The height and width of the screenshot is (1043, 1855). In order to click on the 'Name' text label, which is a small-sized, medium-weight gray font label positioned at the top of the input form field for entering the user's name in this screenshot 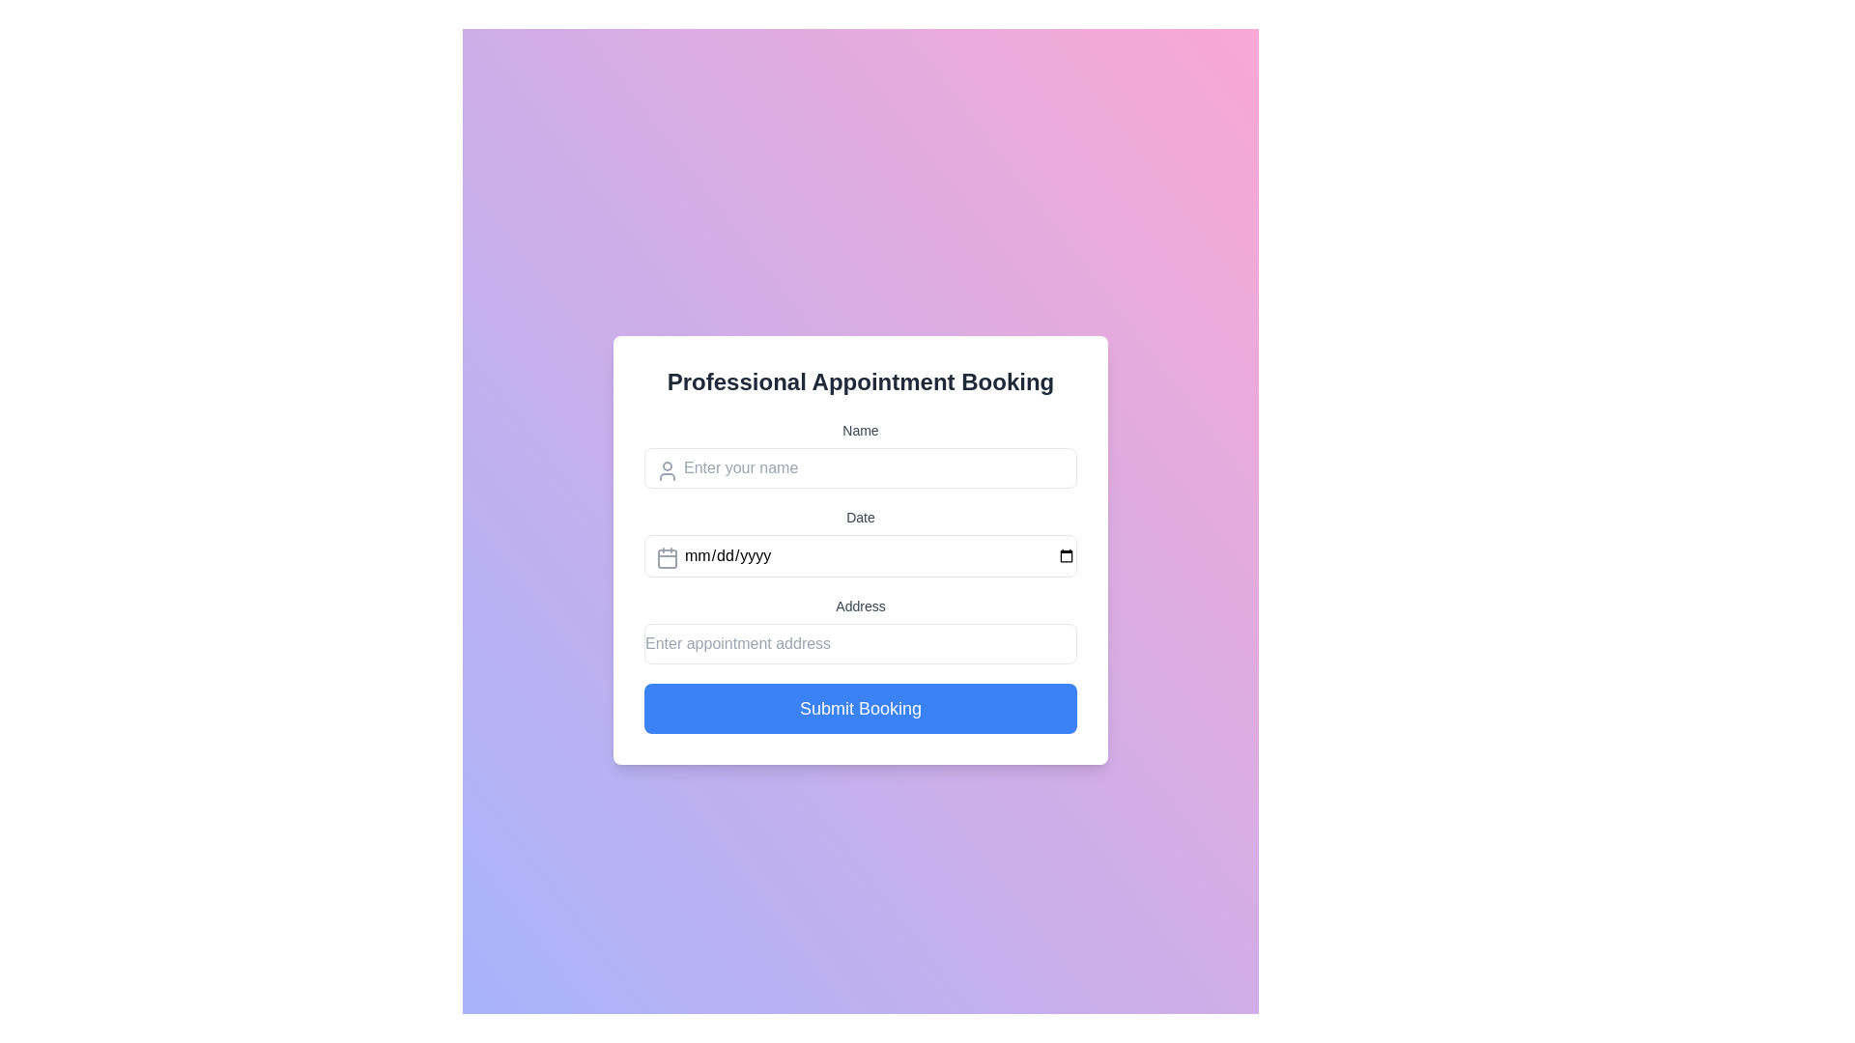, I will do `click(860, 430)`.